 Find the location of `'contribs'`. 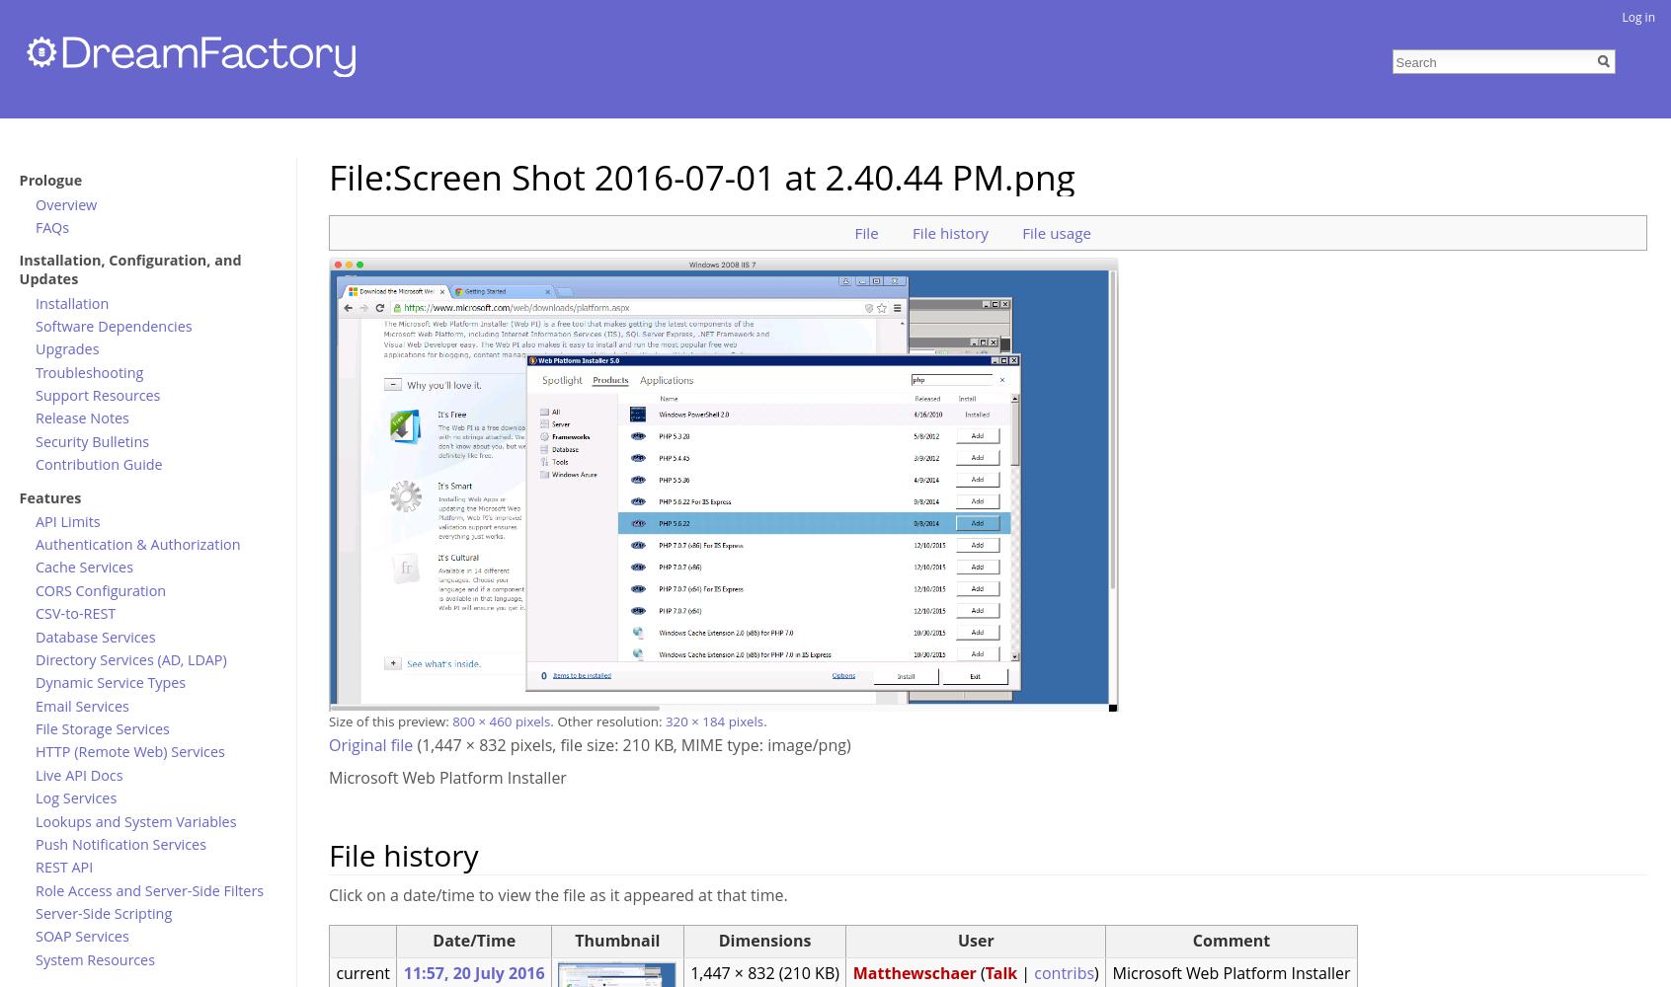

'contribs' is located at coordinates (1064, 971).